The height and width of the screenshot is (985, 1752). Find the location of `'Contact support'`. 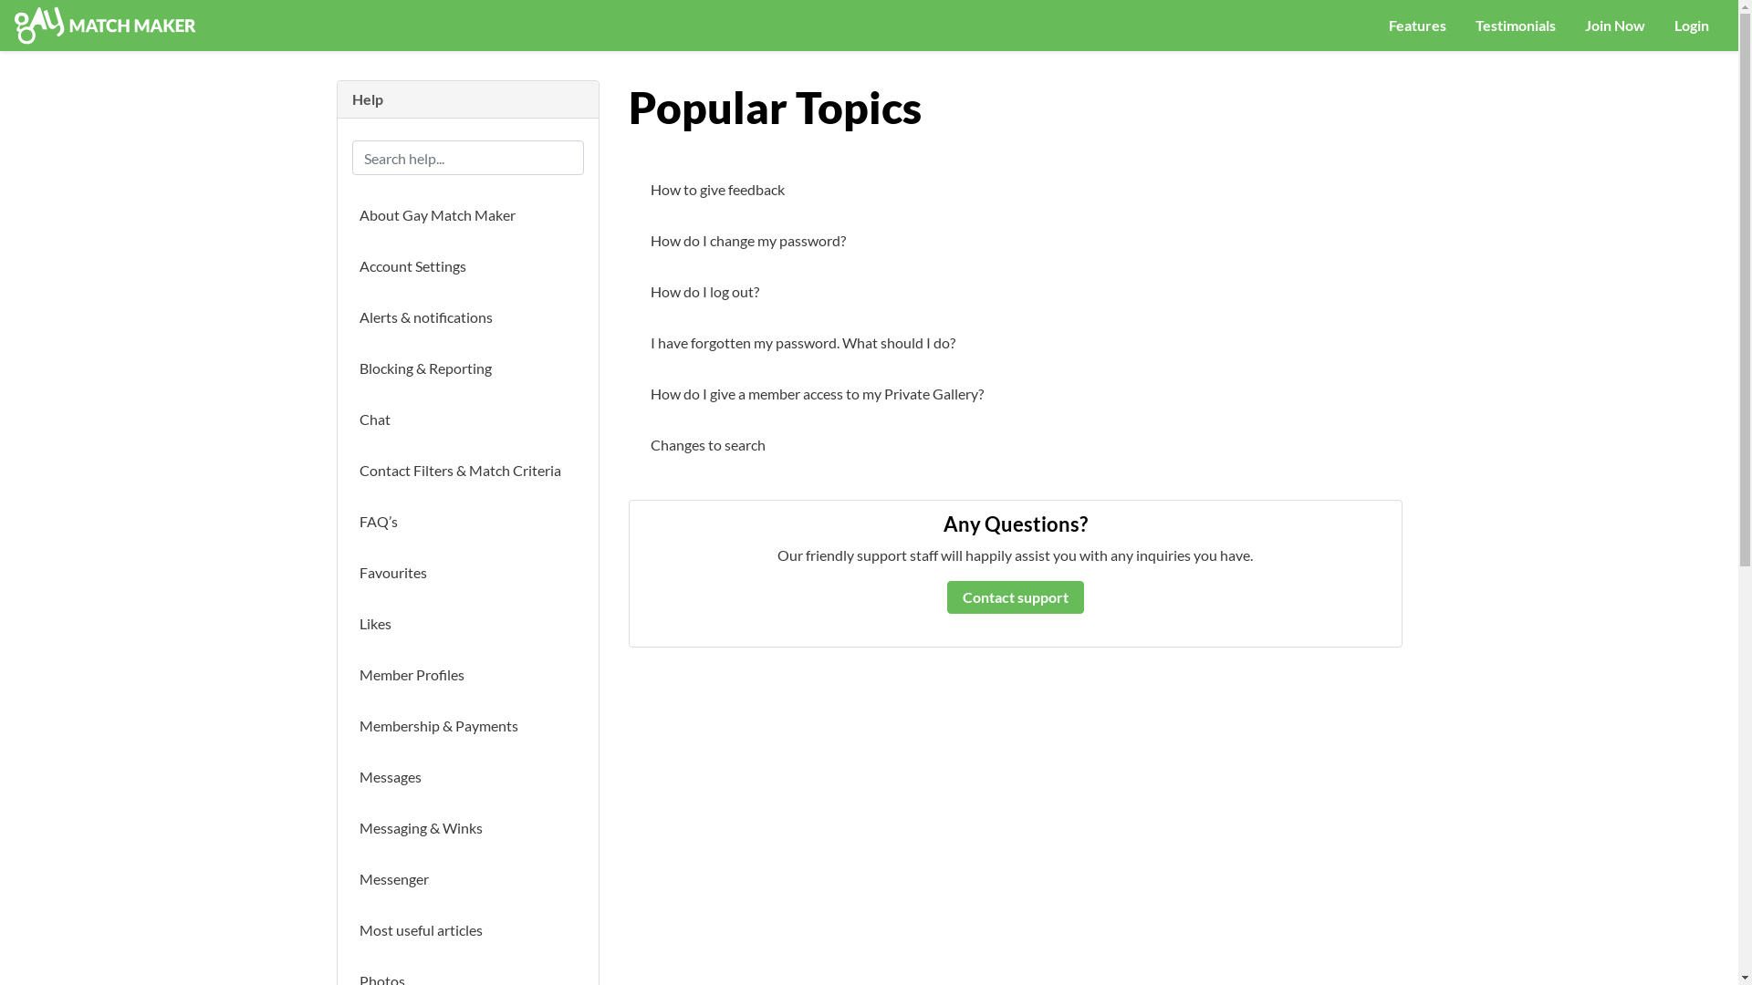

'Contact support' is located at coordinates (1015, 596).